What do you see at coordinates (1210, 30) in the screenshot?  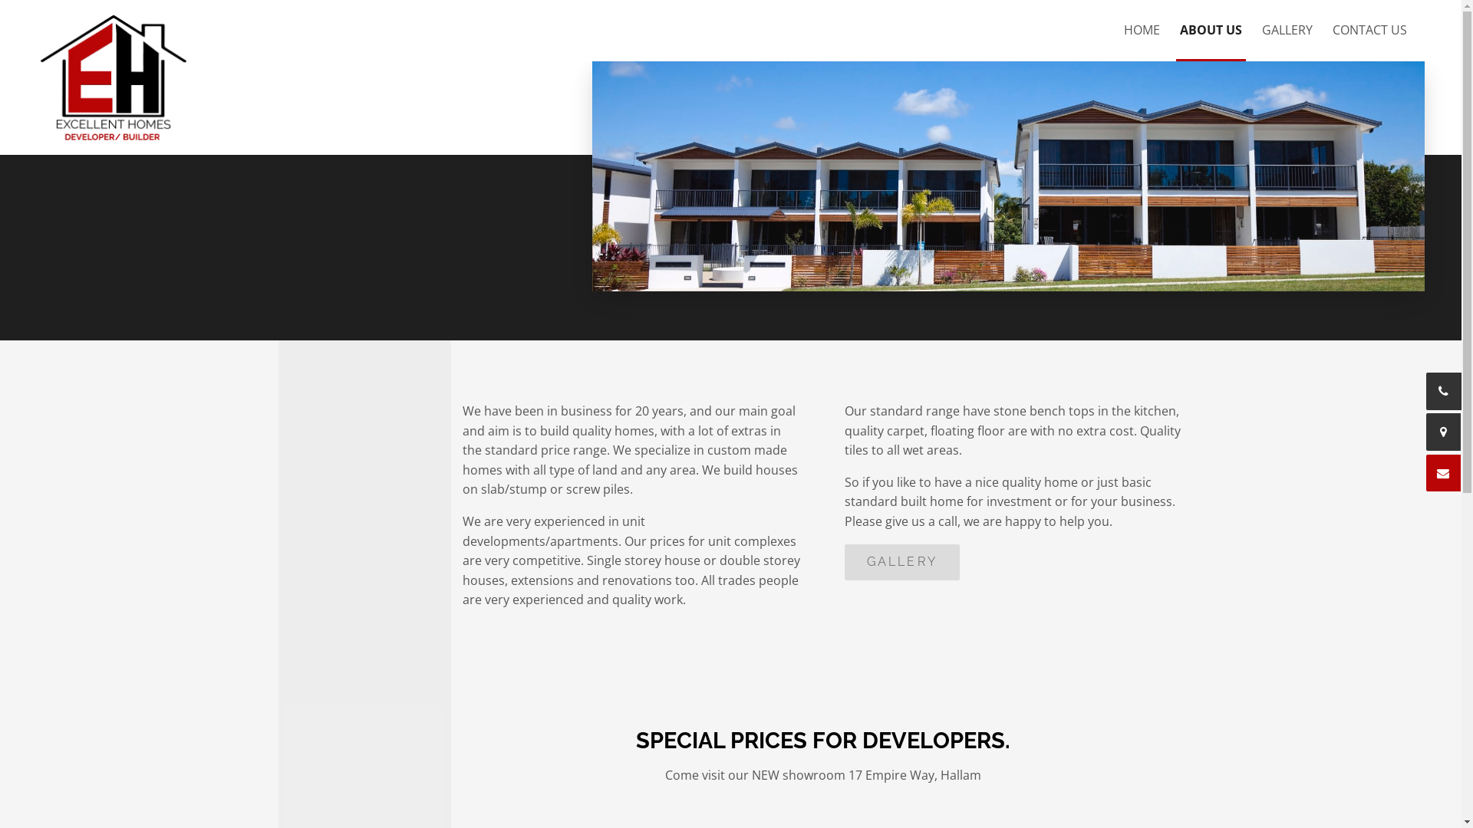 I see `'ABOUT US'` at bounding box center [1210, 30].